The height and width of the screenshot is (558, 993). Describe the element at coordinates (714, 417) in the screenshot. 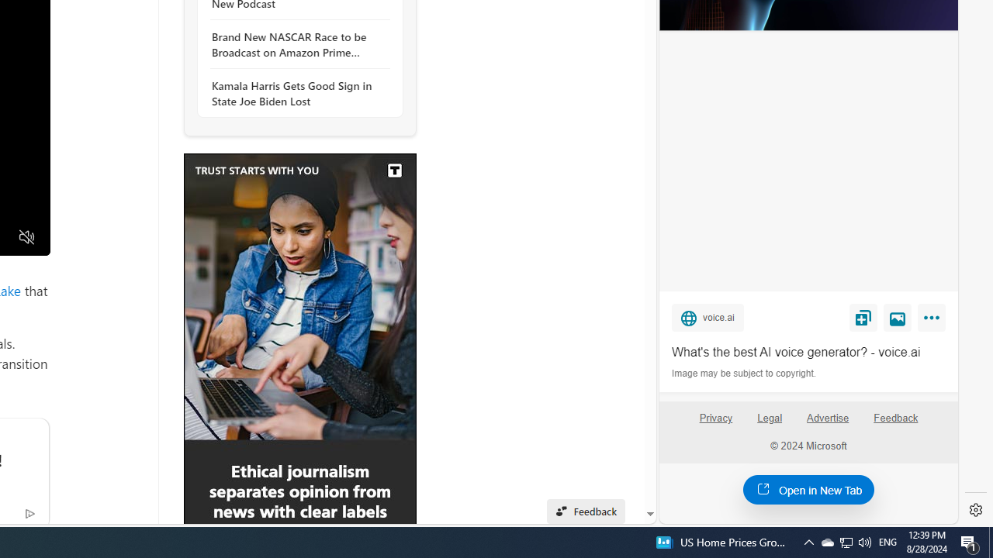

I see `'Privacy'` at that location.